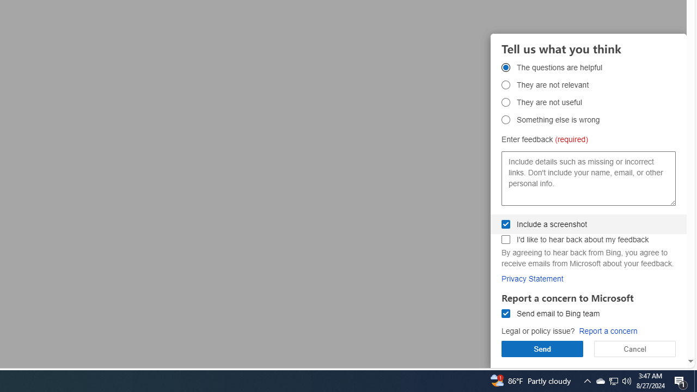 Image resolution: width=697 pixels, height=392 pixels. What do you see at coordinates (505, 223) in the screenshot?
I see `'Include a screenshot Include a screenshot'` at bounding box center [505, 223].